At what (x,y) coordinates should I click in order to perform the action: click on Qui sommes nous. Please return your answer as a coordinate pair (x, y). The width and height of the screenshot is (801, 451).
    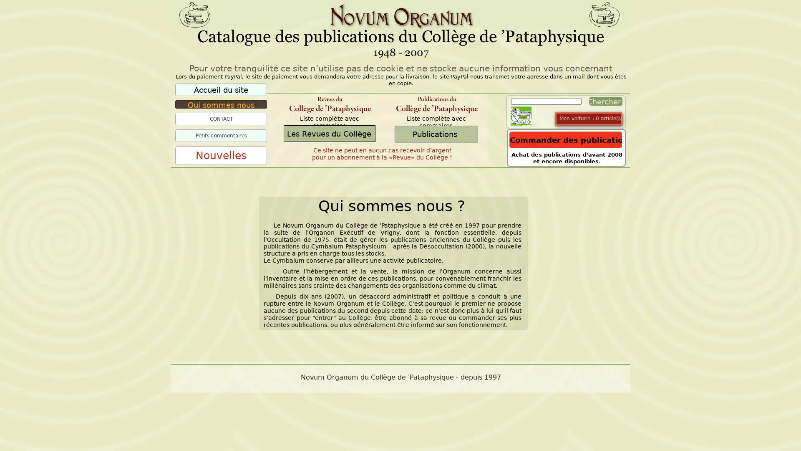
    Looking at the image, I should click on (221, 104).